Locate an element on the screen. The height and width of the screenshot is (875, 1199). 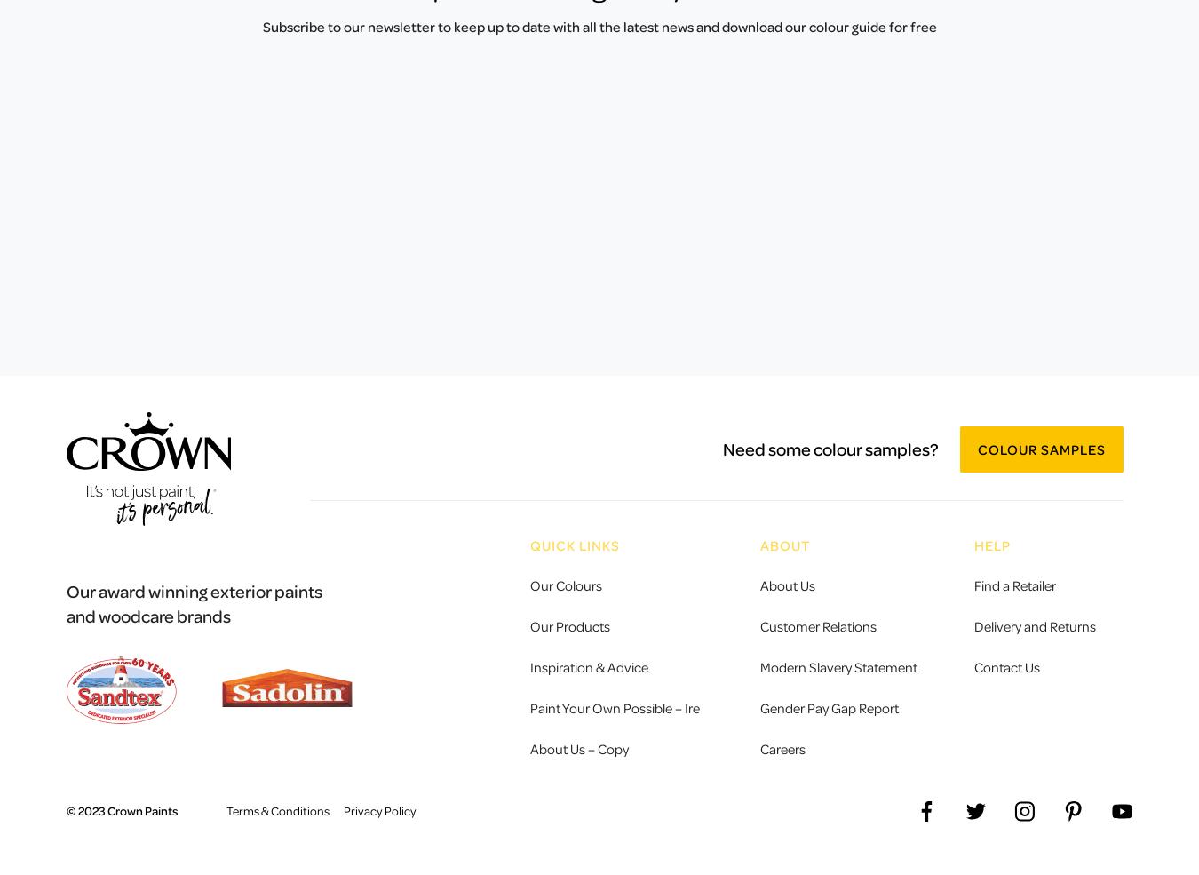
'Subscribe to our newsletter to keep up to date with all the latest news and download our colour guide for free' is located at coordinates (260, 26).